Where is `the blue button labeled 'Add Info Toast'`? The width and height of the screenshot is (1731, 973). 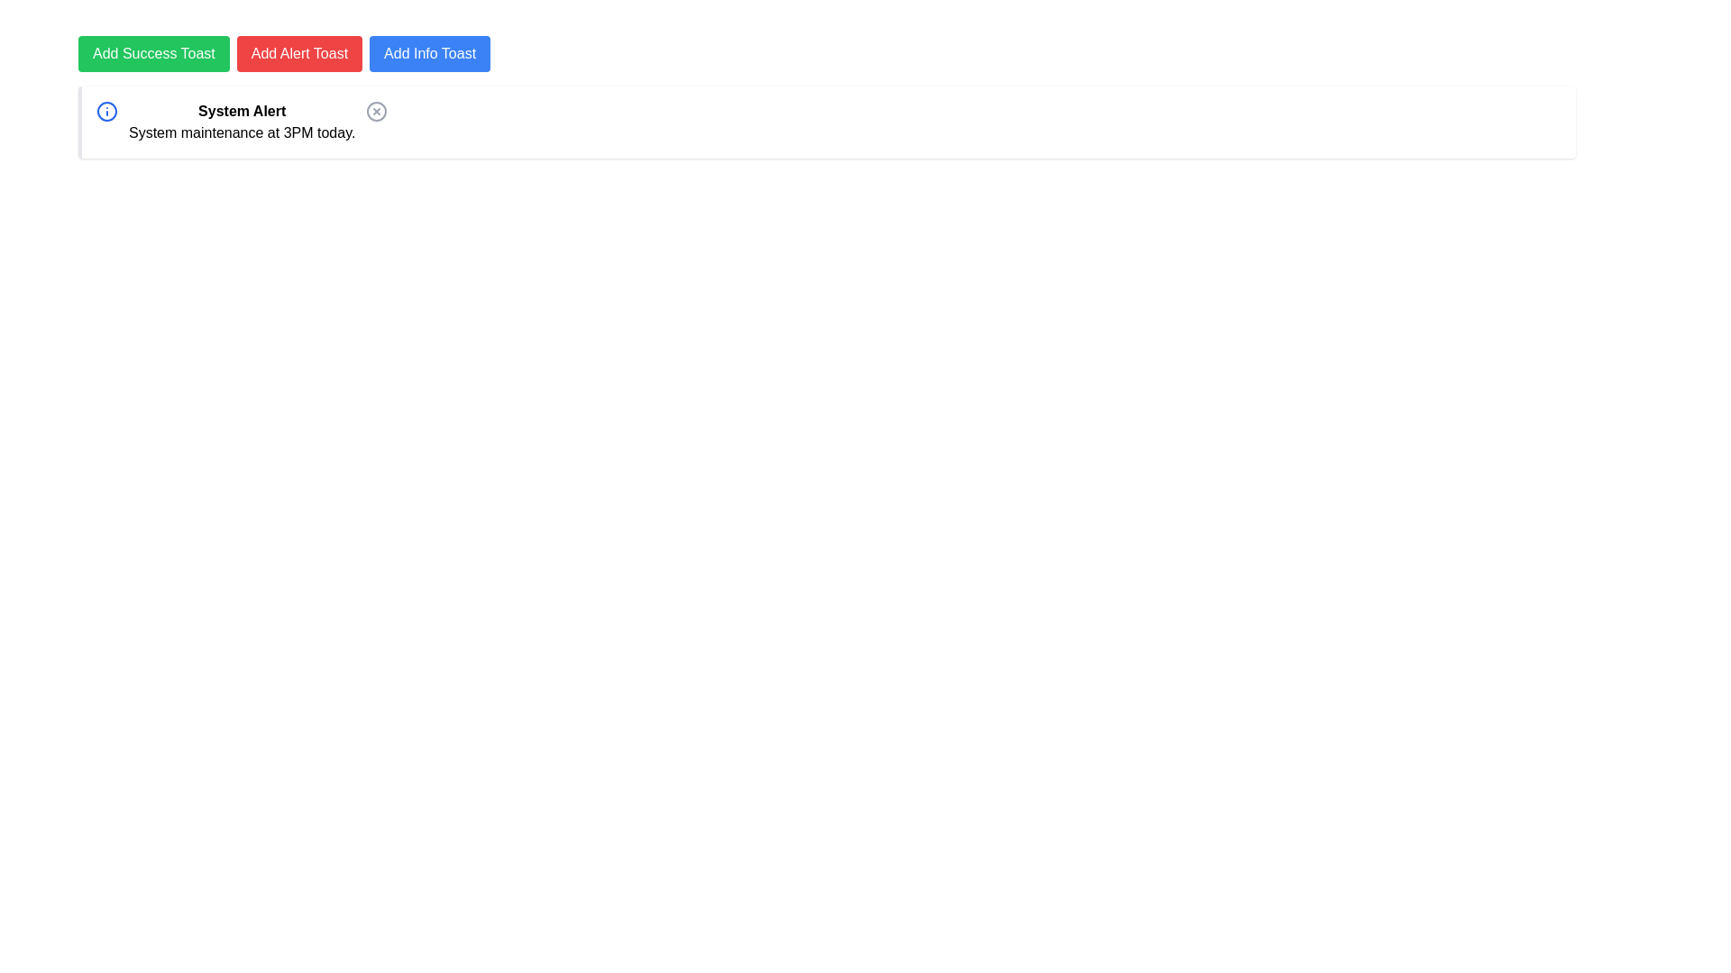 the blue button labeled 'Add Info Toast' is located at coordinates (429, 53).